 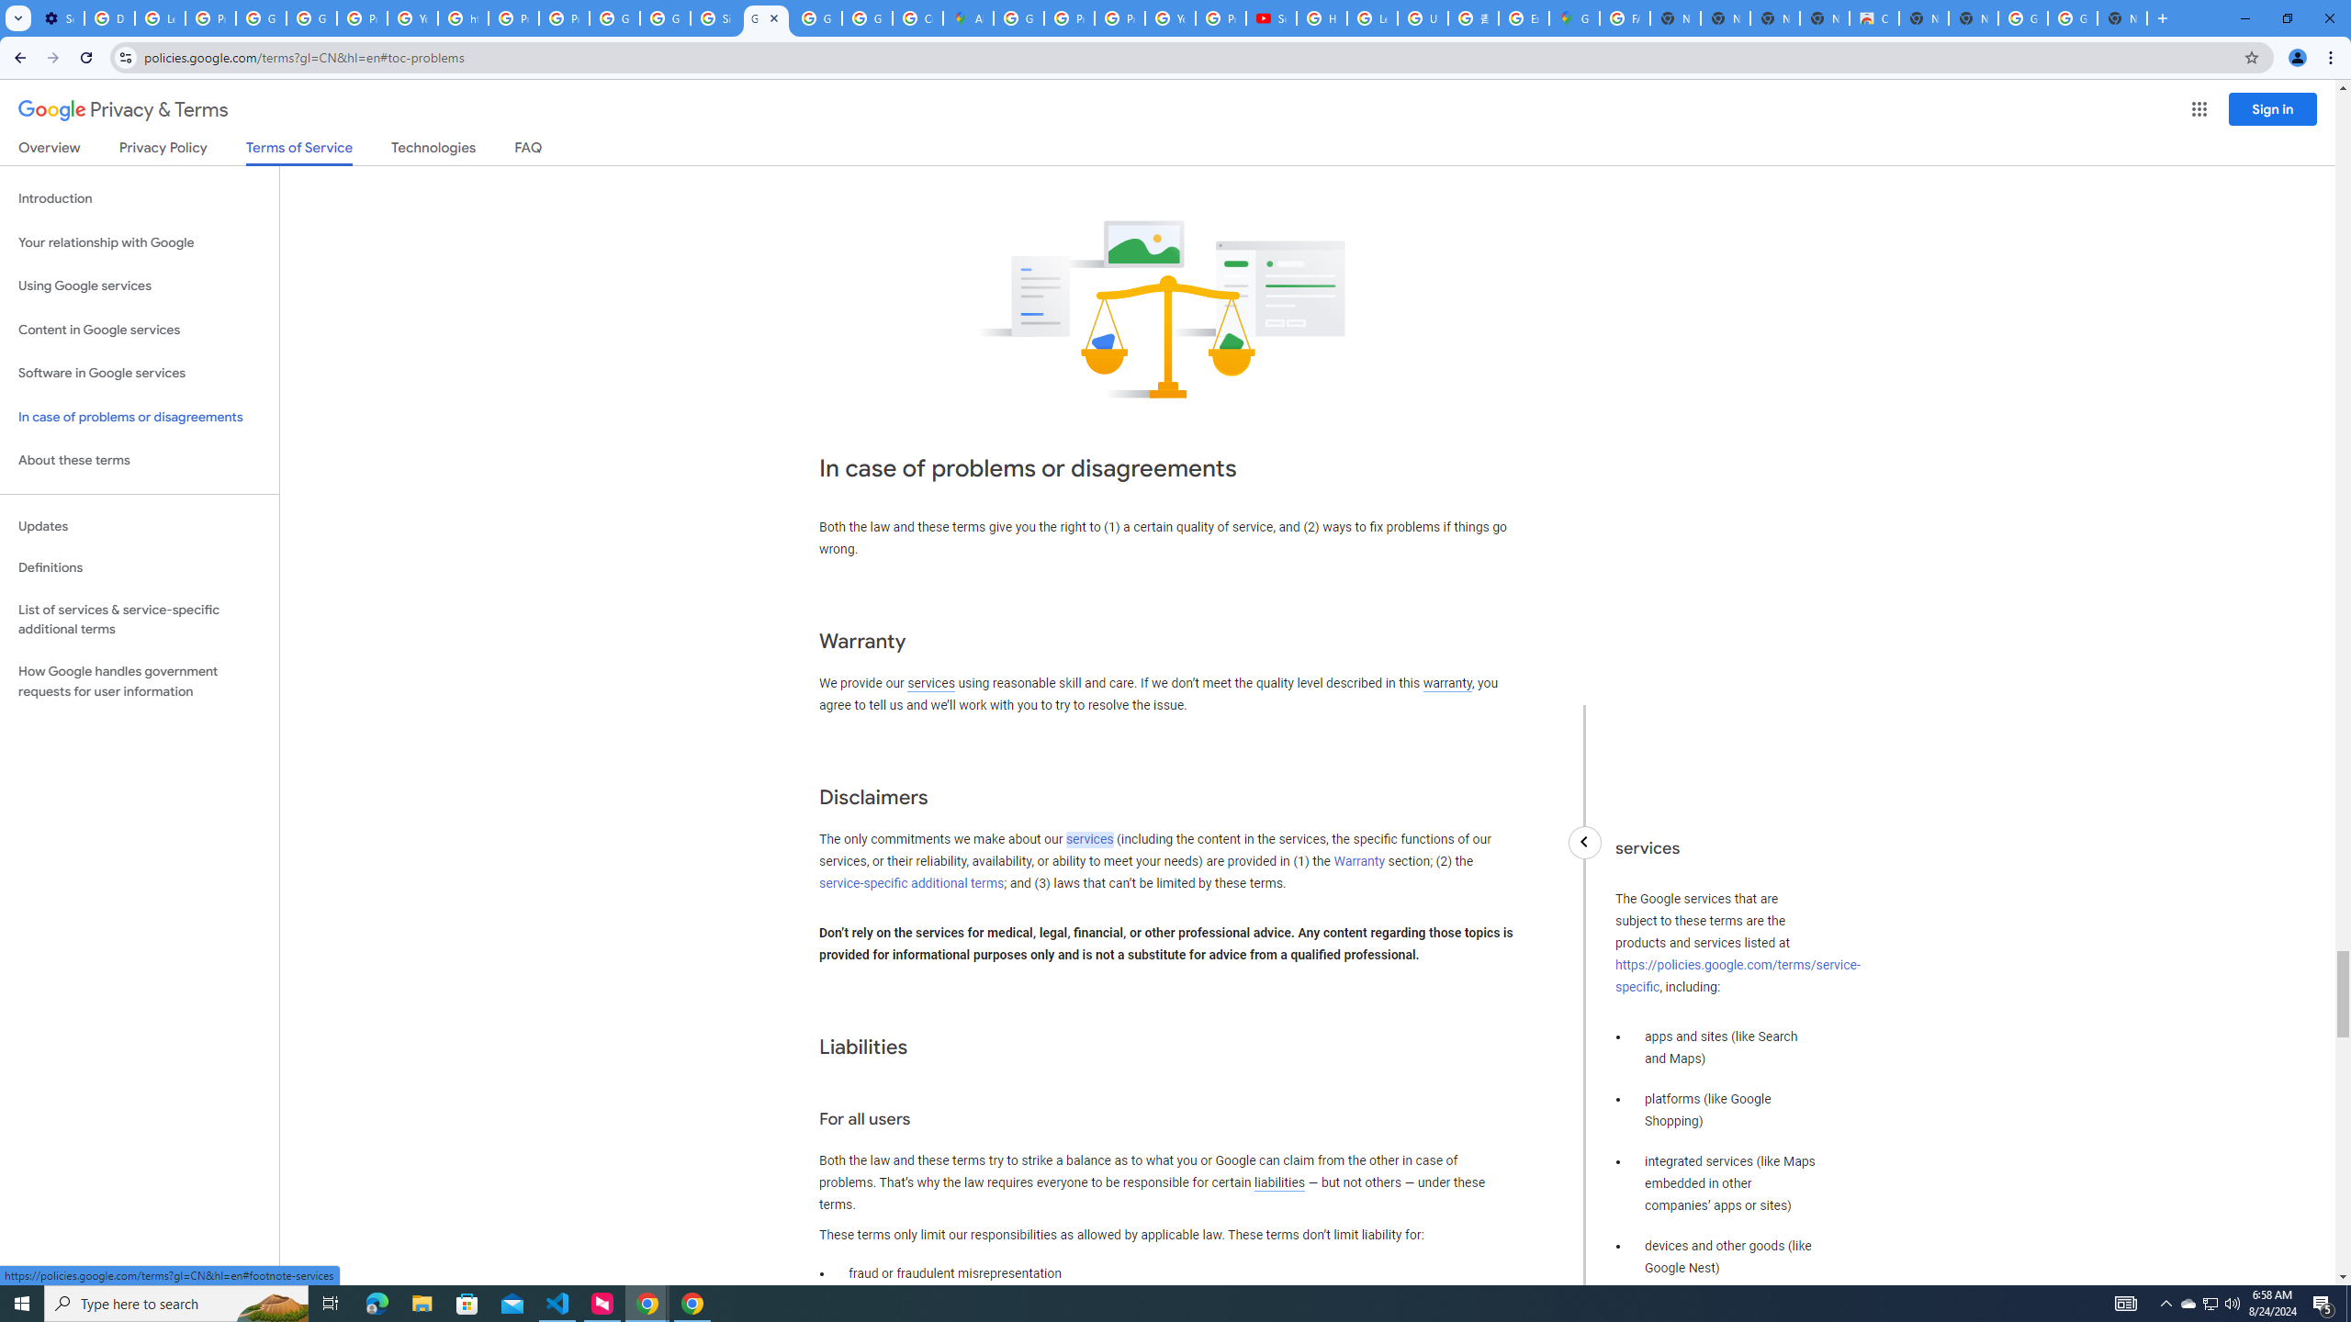 What do you see at coordinates (1270, 17) in the screenshot?
I see `'Subscriptions - YouTube'` at bounding box center [1270, 17].